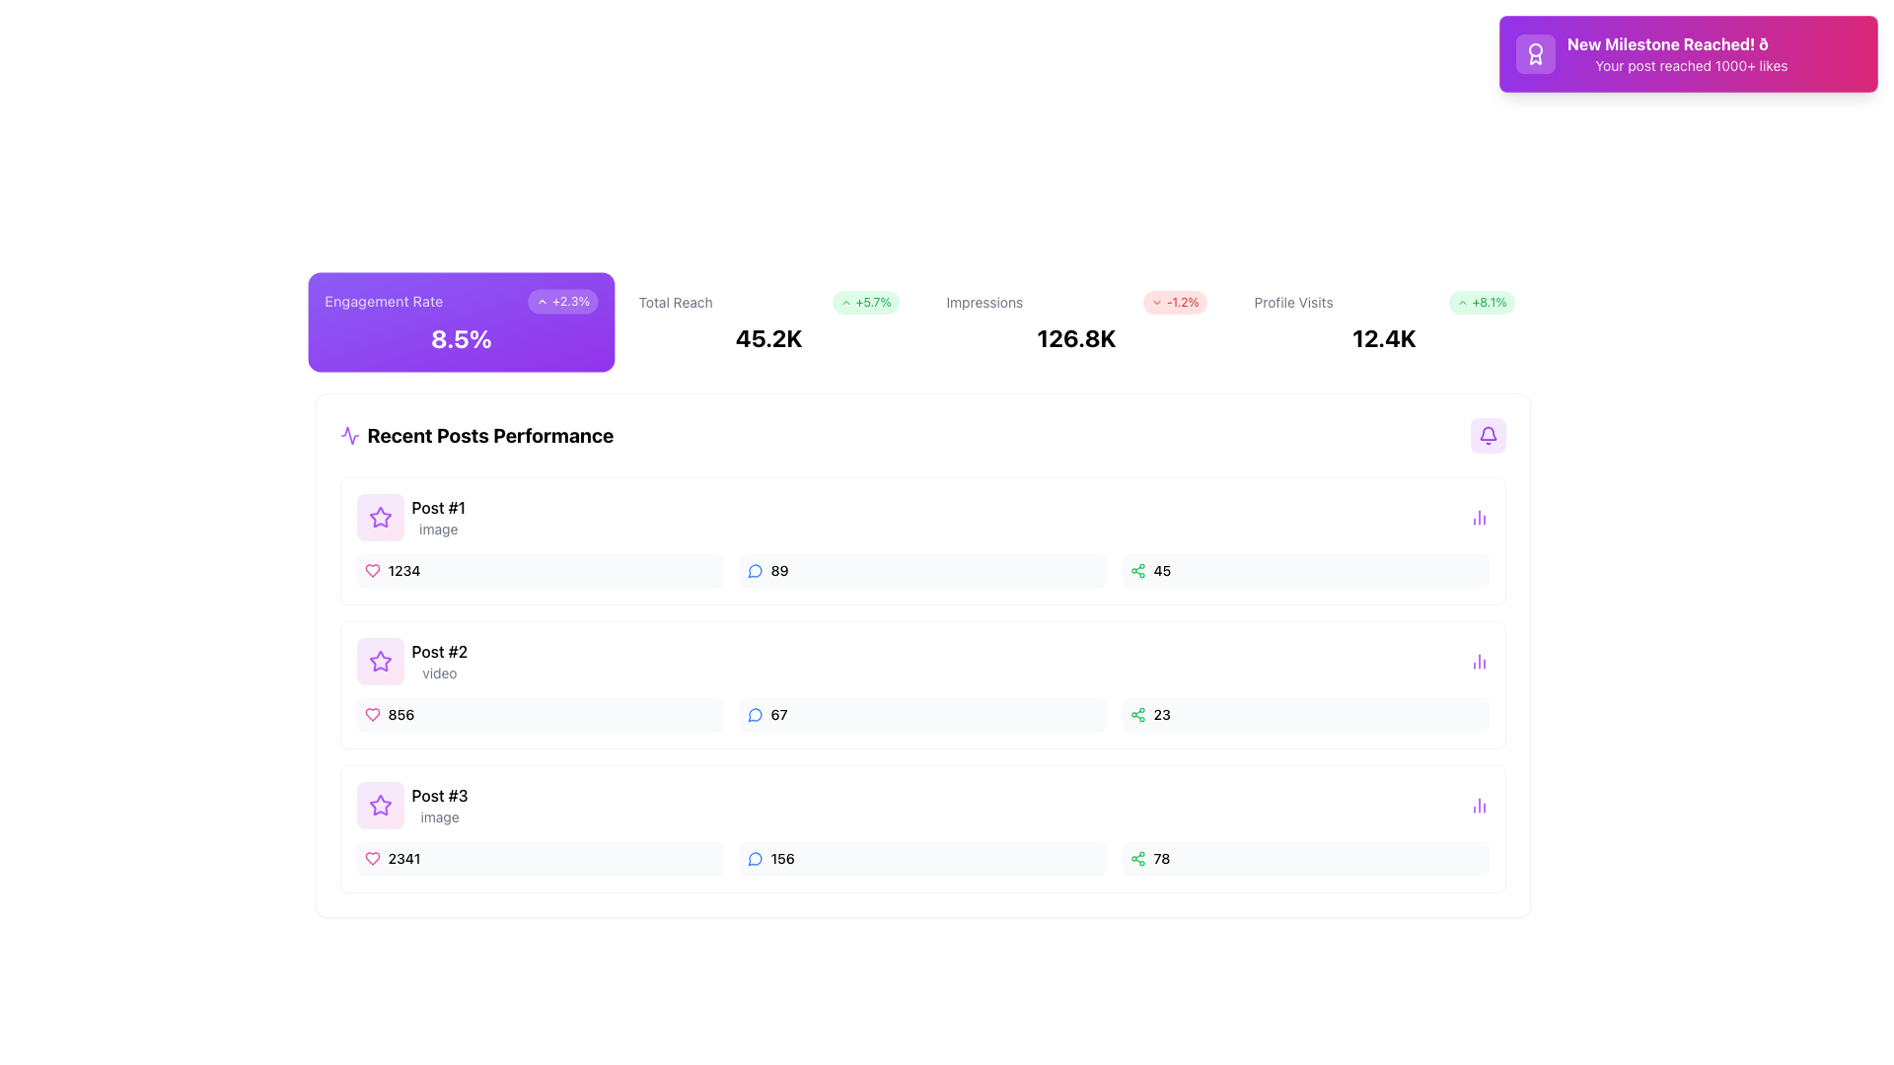  I want to click on the speech bubble icon representing the comments count for the second post's performance in the list of metrics, so click(754, 715).